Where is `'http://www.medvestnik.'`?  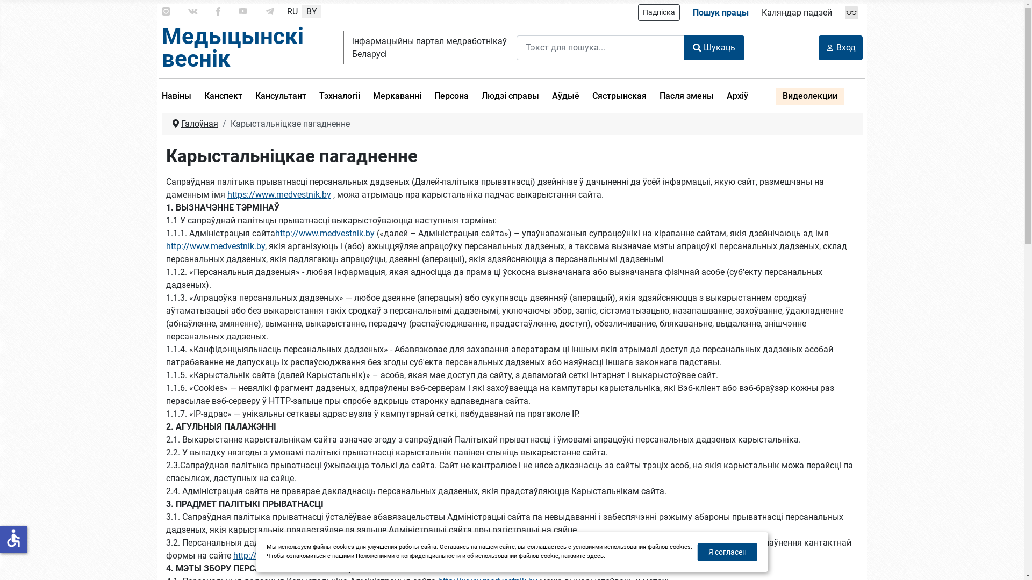
'http://www.medvestnik.' is located at coordinates (232, 555).